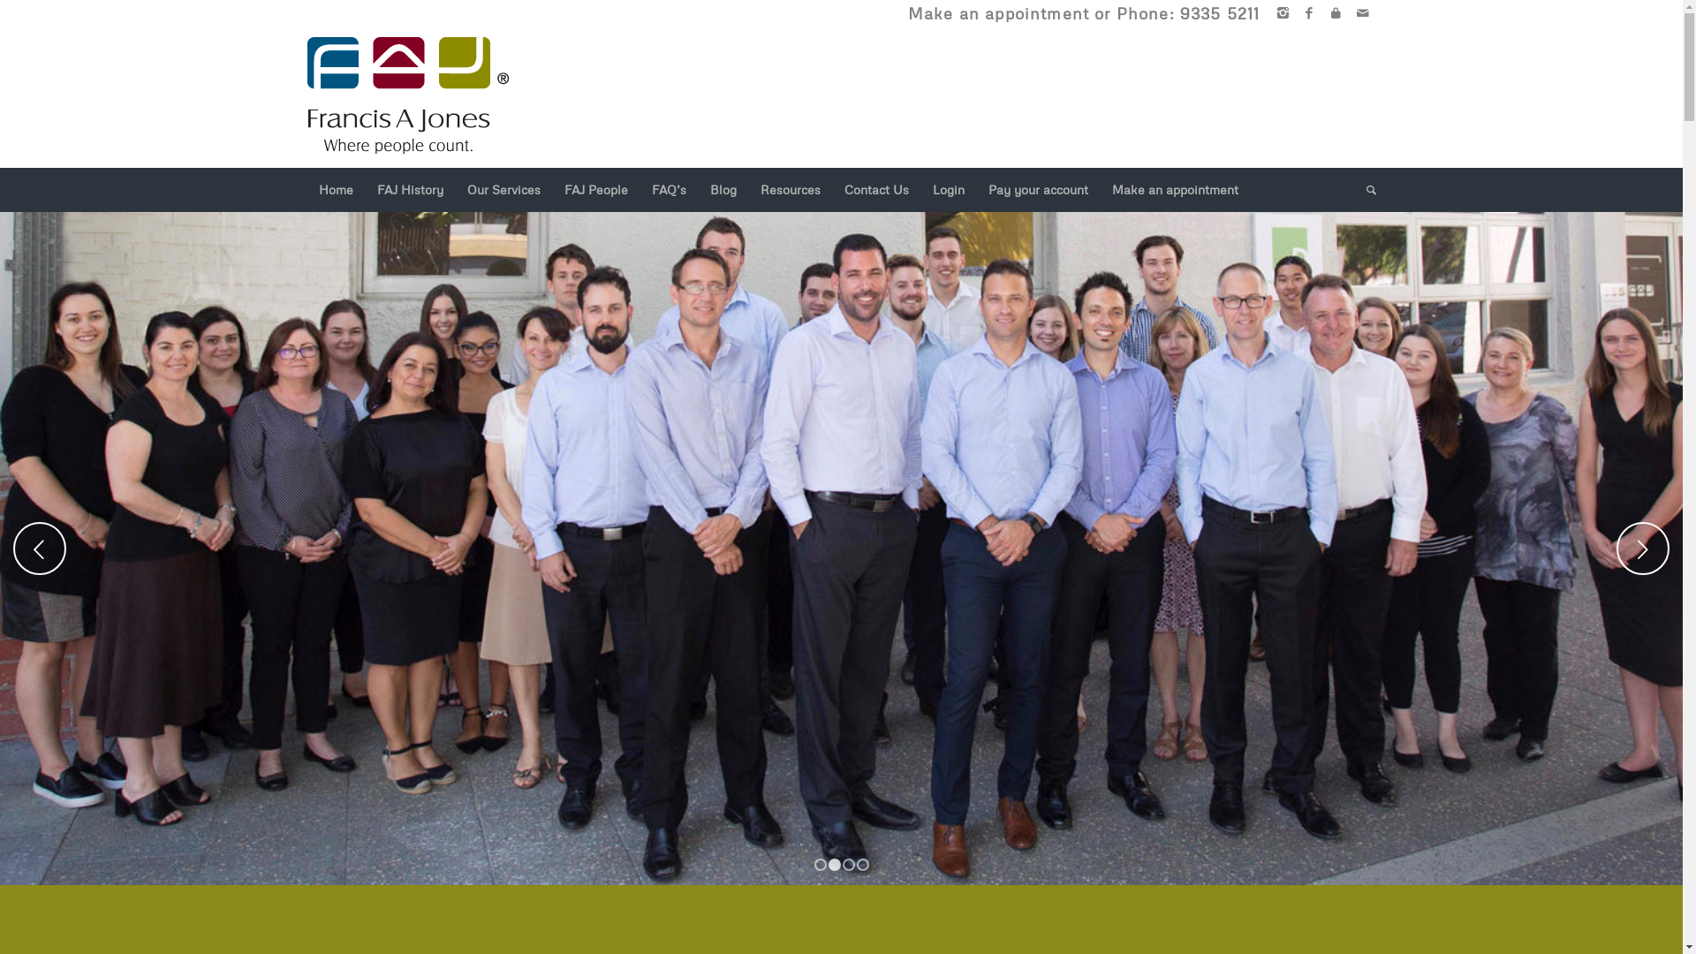 This screenshot has width=1696, height=954. What do you see at coordinates (1174, 190) in the screenshot?
I see `'Make an appointment'` at bounding box center [1174, 190].